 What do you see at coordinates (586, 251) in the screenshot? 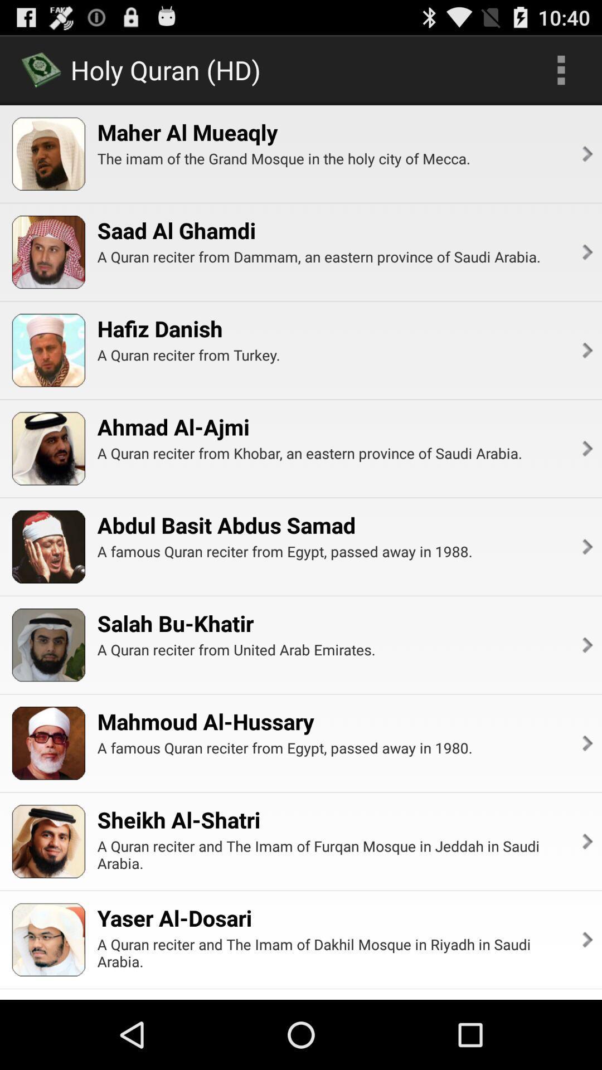
I see `the item next to a quran reciter` at bounding box center [586, 251].